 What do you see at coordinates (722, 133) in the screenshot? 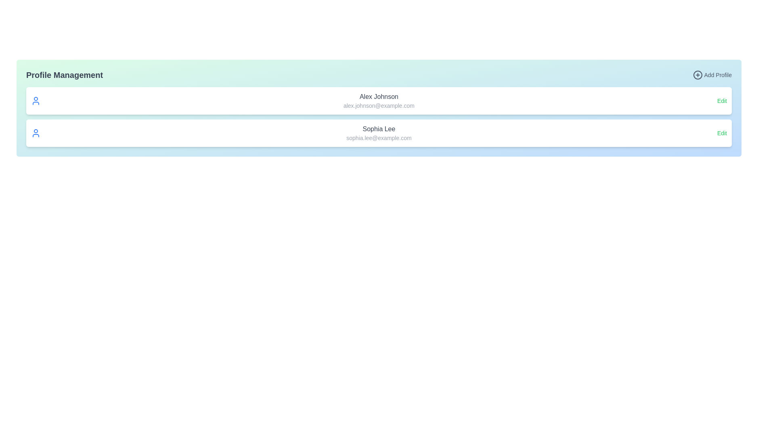
I see `the 'Edit' text button, which is a small-sized sans-serif font in green` at bounding box center [722, 133].